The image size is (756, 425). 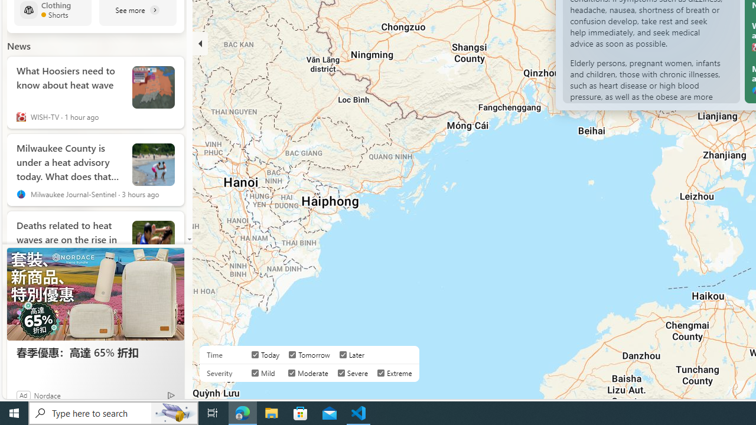 What do you see at coordinates (21, 117) in the screenshot?
I see `'WISH-TV'` at bounding box center [21, 117].